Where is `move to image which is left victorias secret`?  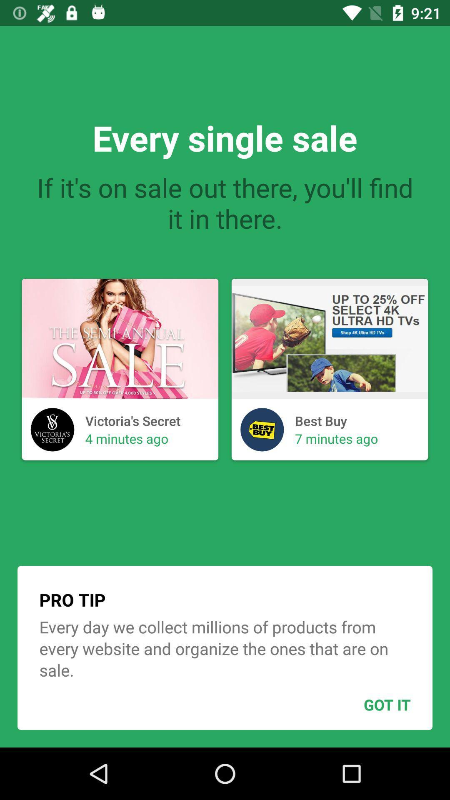 move to image which is left victorias secret is located at coordinates (52, 430).